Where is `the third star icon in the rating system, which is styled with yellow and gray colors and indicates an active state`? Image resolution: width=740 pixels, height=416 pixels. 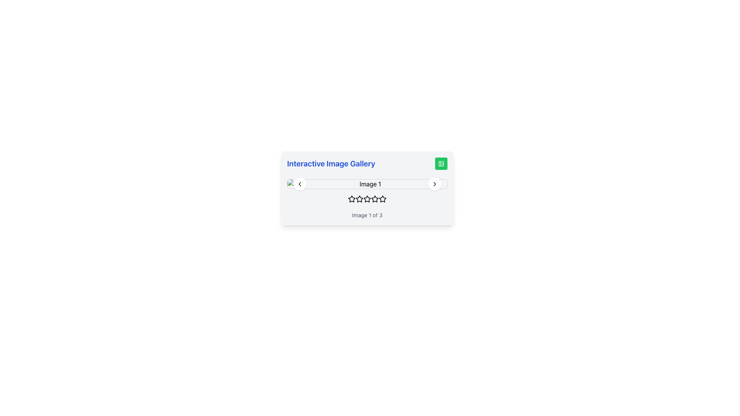
the third star icon in the rating system, which is styled with yellow and gray colors and indicates an active state is located at coordinates (367, 198).